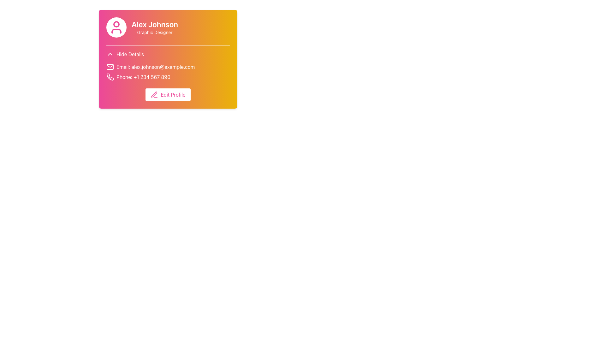  I want to click on the mail icon styled as an envelope, which is positioned to the left of the label 'Email: alex.johnson@example.com', so click(110, 67).